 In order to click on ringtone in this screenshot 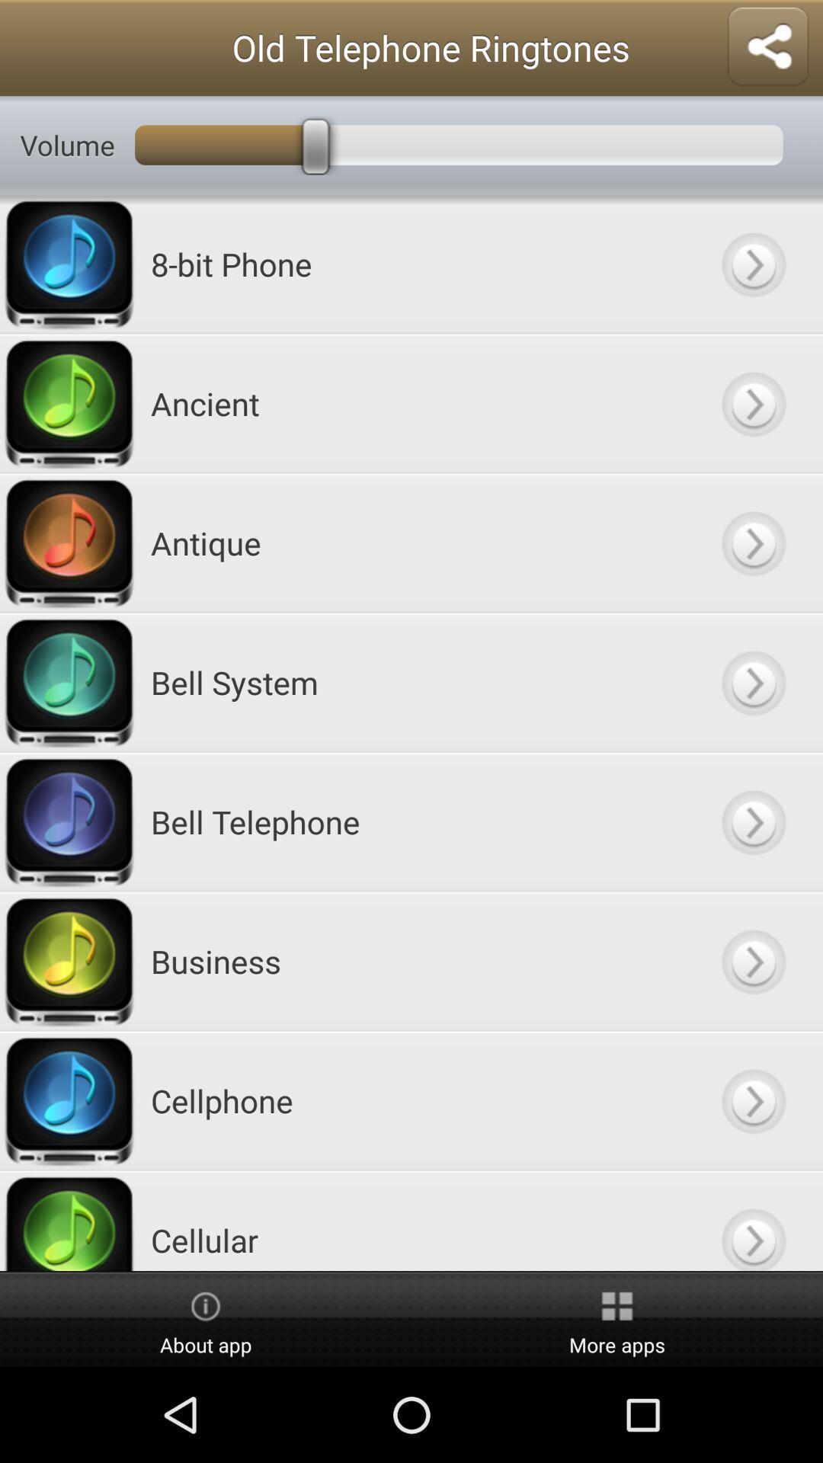, I will do `click(752, 821)`.